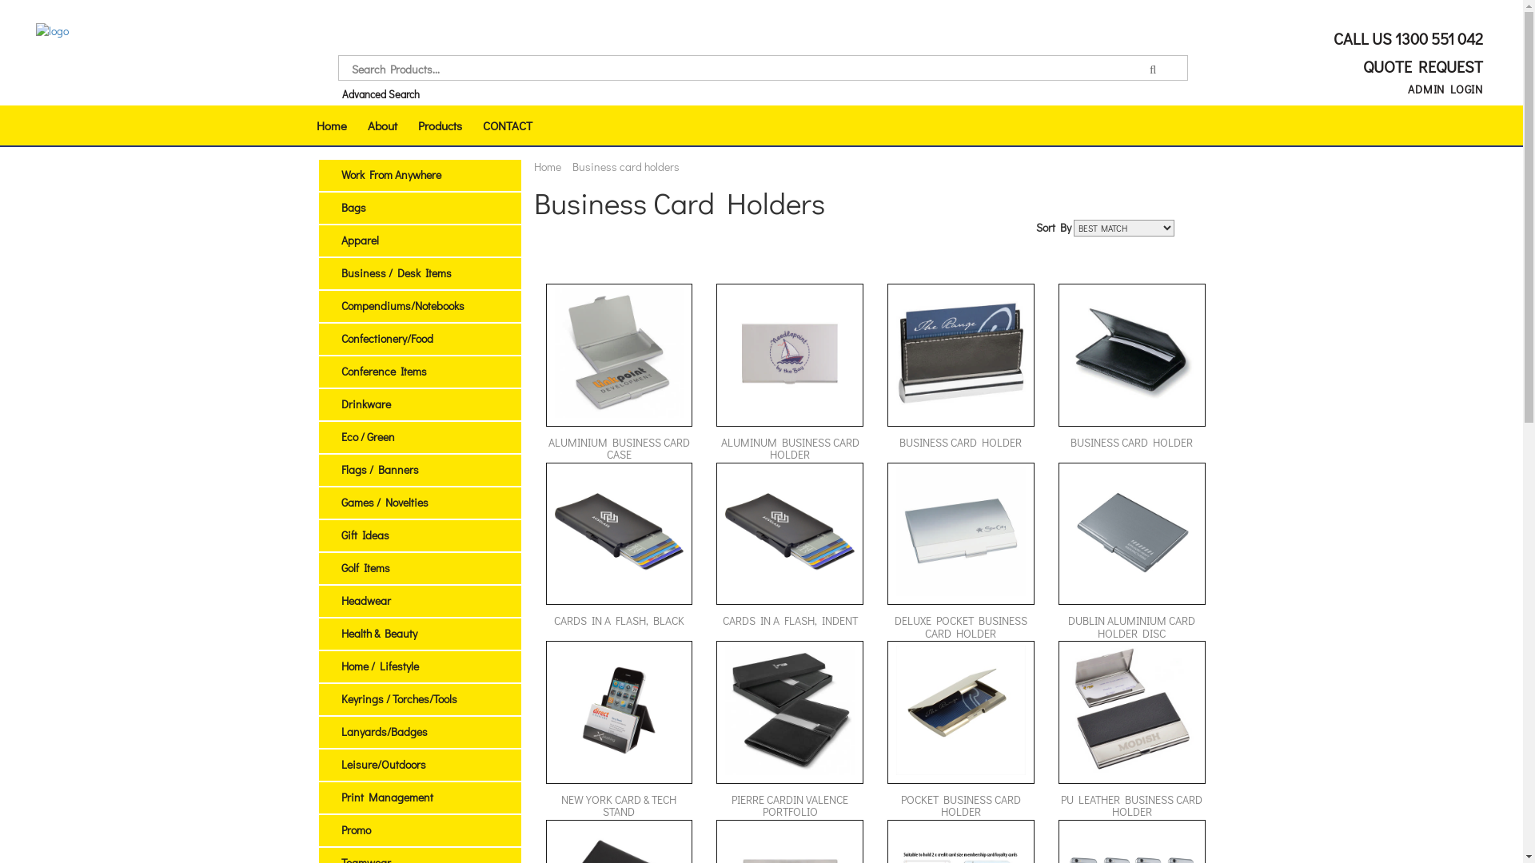  What do you see at coordinates (340, 600) in the screenshot?
I see `'Headwear'` at bounding box center [340, 600].